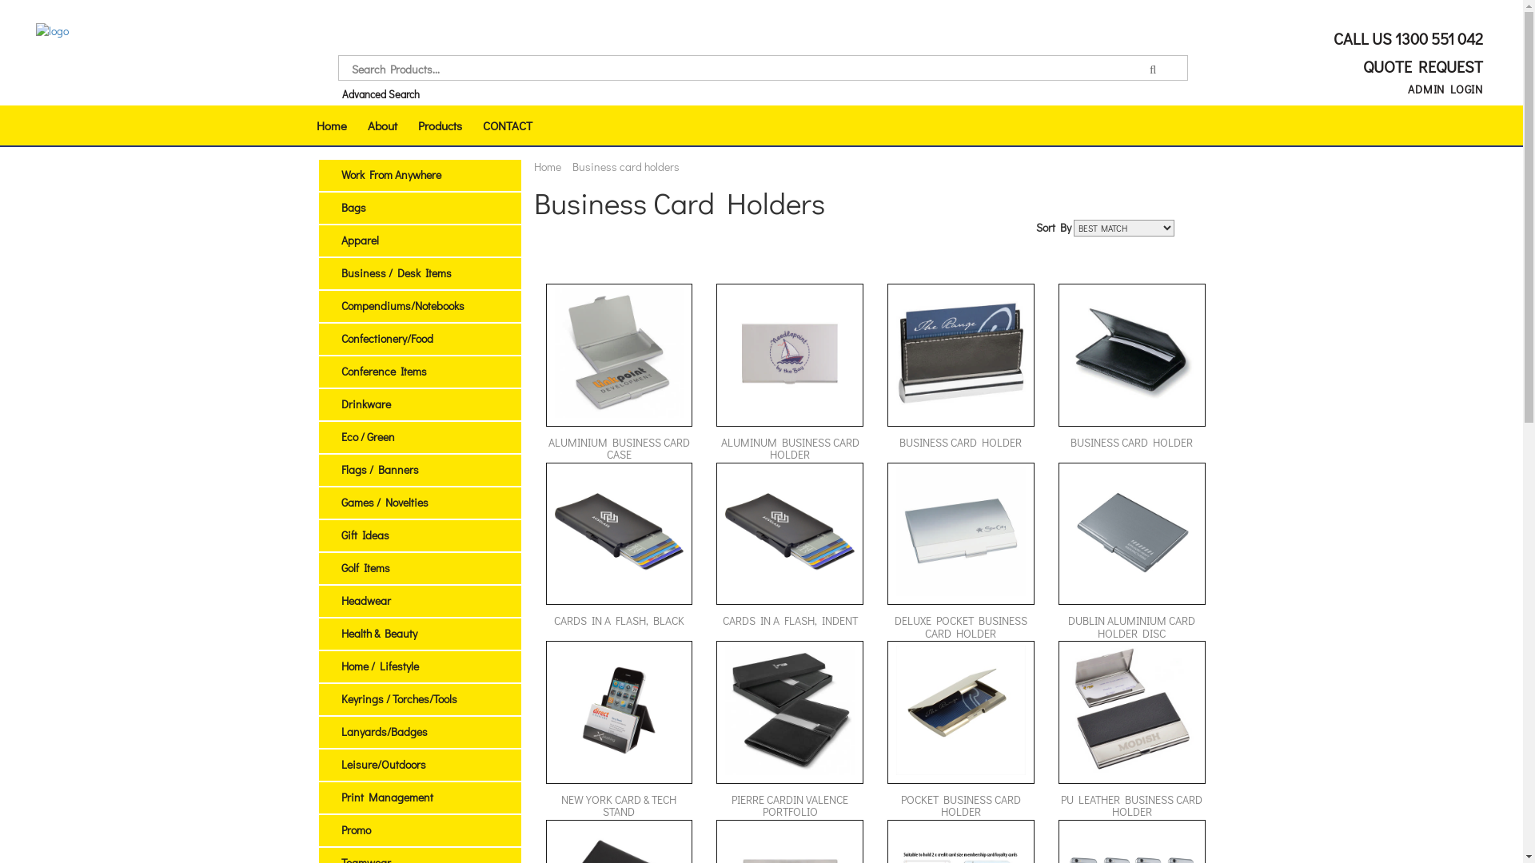  What do you see at coordinates (340, 600) in the screenshot?
I see `'Headwear'` at bounding box center [340, 600].